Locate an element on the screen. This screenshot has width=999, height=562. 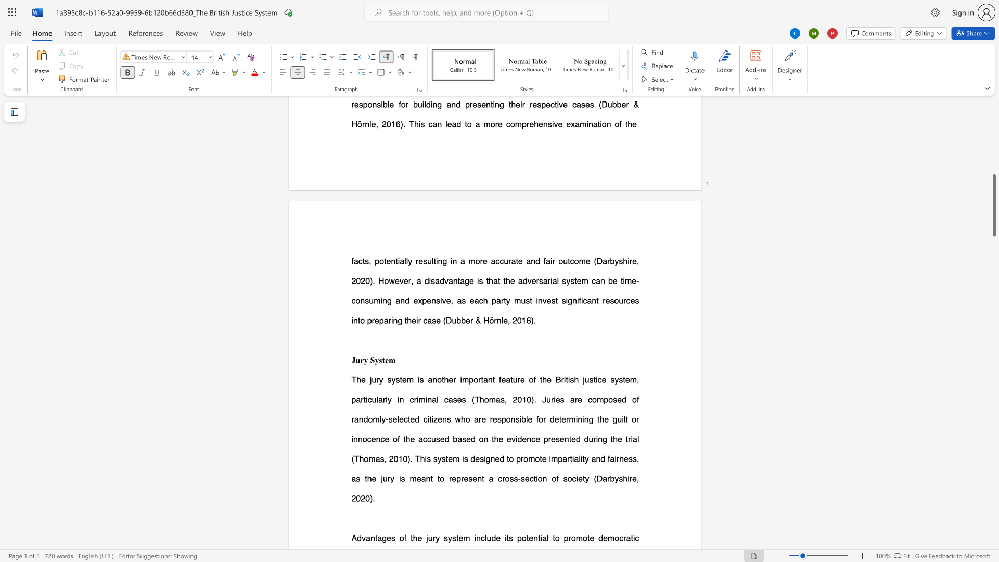
the page's right scrollbar for upward movement is located at coordinates (993, 234).